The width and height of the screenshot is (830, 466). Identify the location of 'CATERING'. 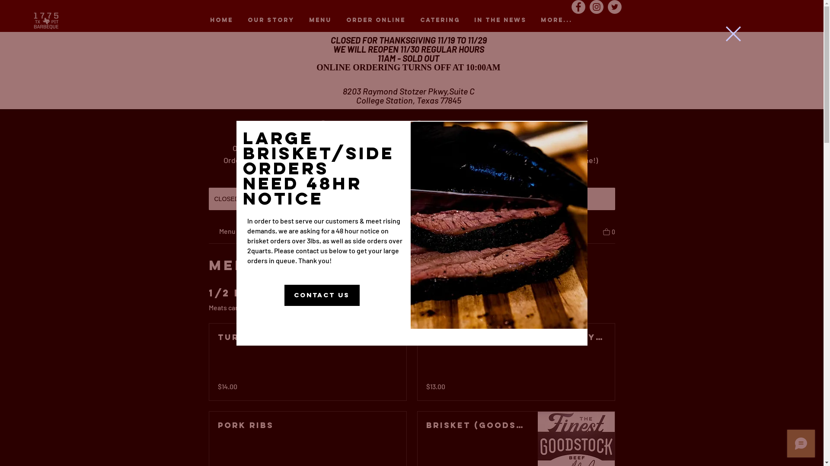
(440, 19).